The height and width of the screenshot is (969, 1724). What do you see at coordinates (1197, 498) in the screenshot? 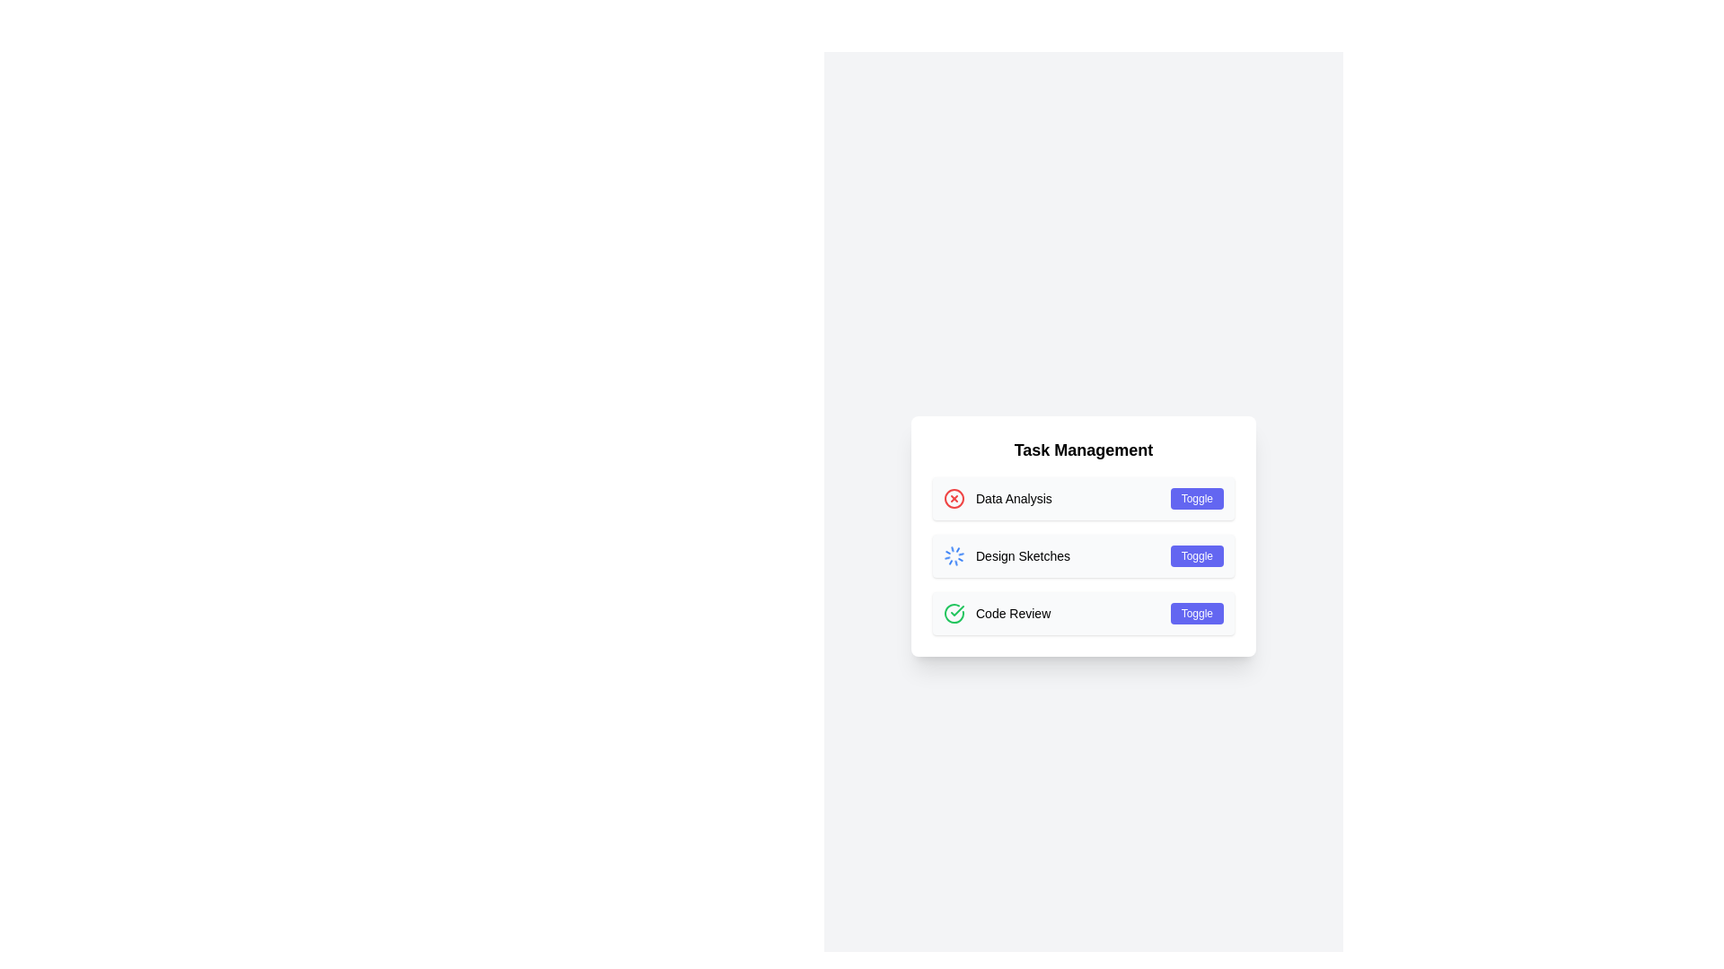
I see `the 'Toggle' button, which is a smaller indigo button with white text located in the 'Data Analysis' card` at bounding box center [1197, 498].